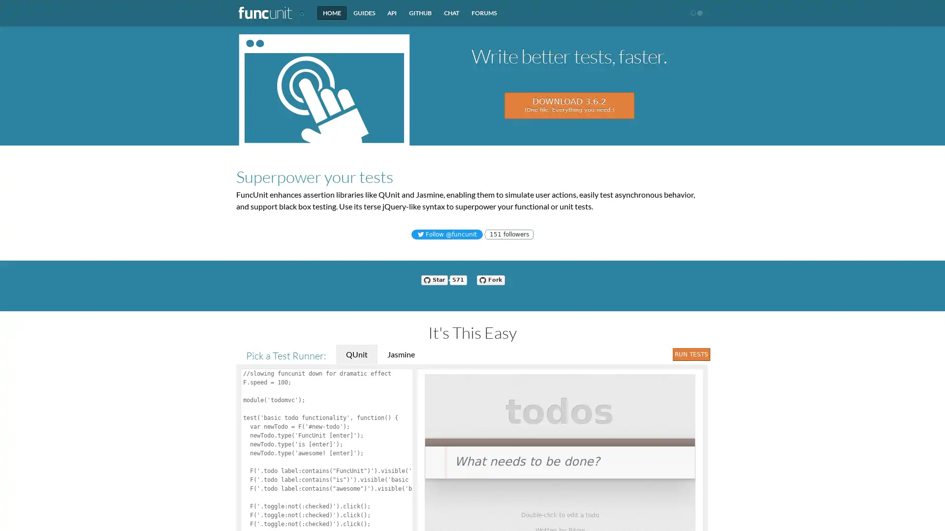 This screenshot has width=945, height=531. Describe the element at coordinates (691, 354) in the screenshot. I see `Run Tests` at that location.